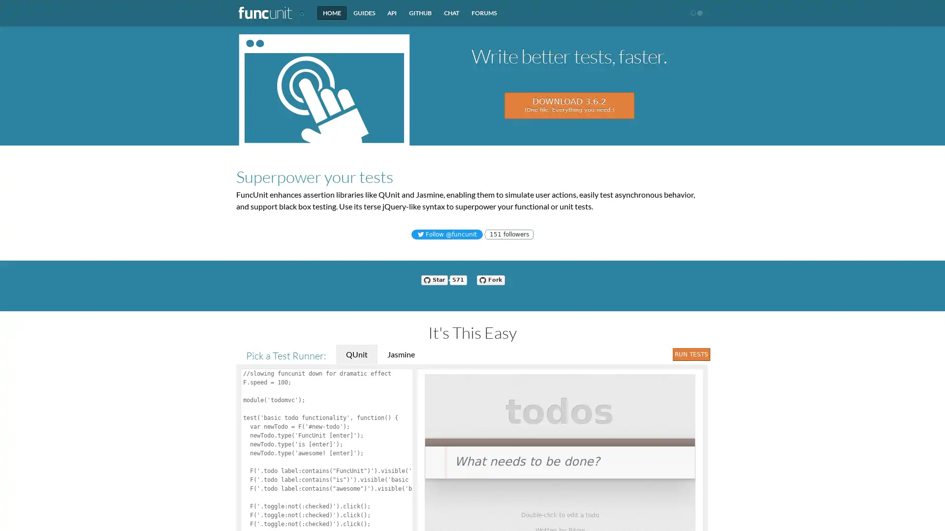 This screenshot has width=945, height=531. Describe the element at coordinates (691, 354) in the screenshot. I see `Run Tests` at that location.